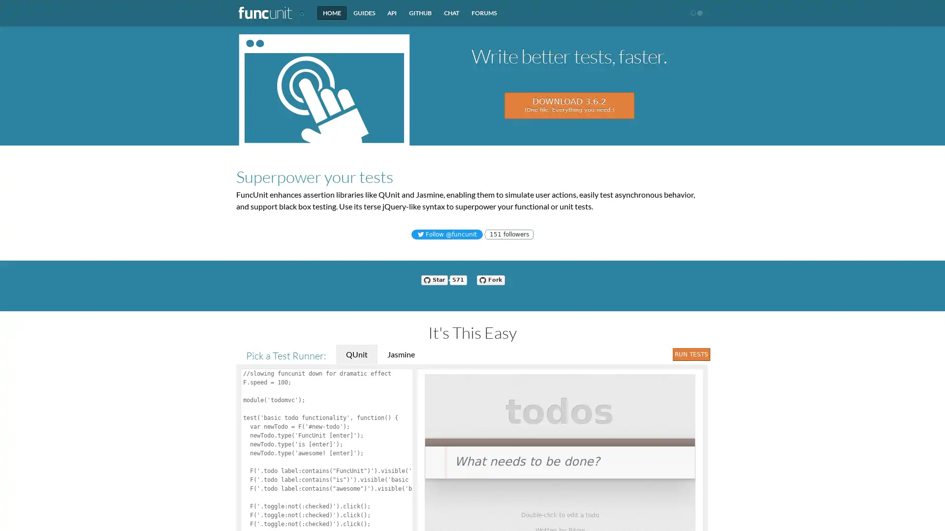 This screenshot has width=945, height=531. Describe the element at coordinates (691, 354) in the screenshot. I see `Run Tests` at that location.